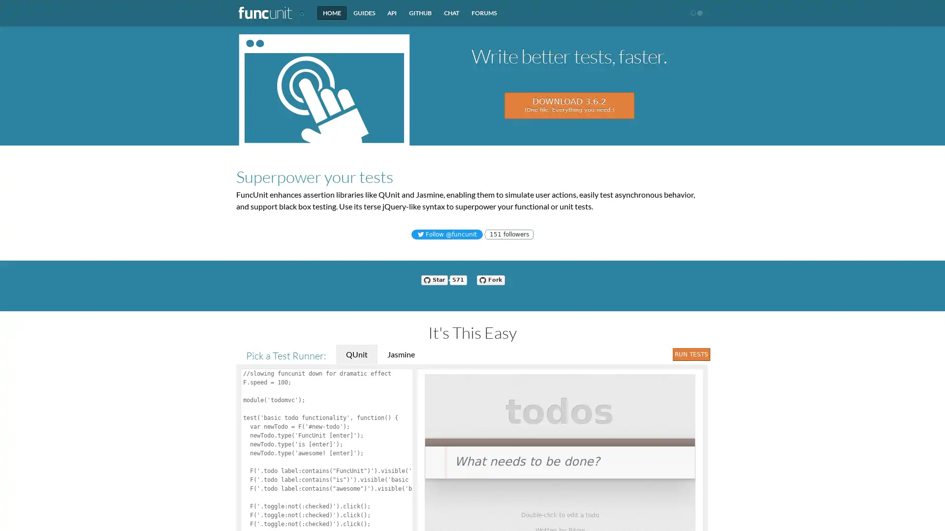 This screenshot has width=945, height=531. Describe the element at coordinates (691, 354) in the screenshot. I see `Run Tests` at that location.